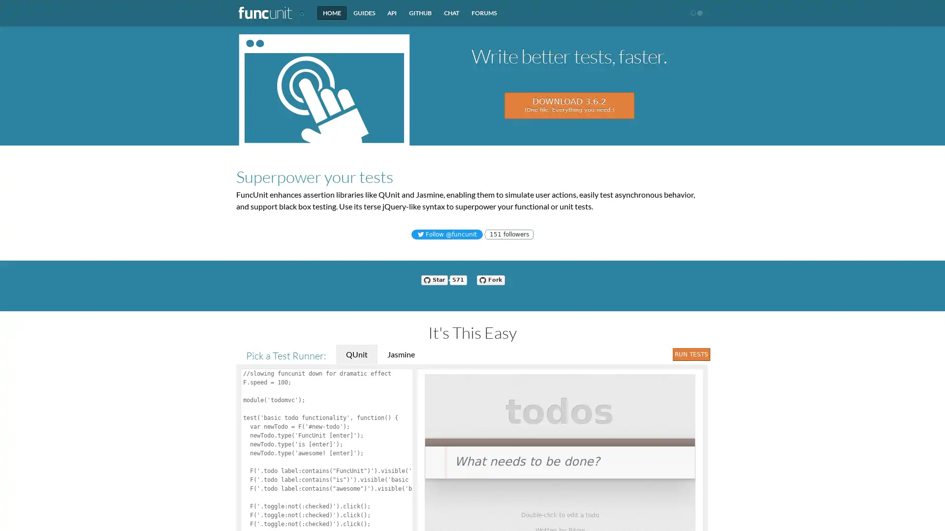 This screenshot has width=945, height=531. Describe the element at coordinates (691, 354) in the screenshot. I see `Run Tests` at that location.